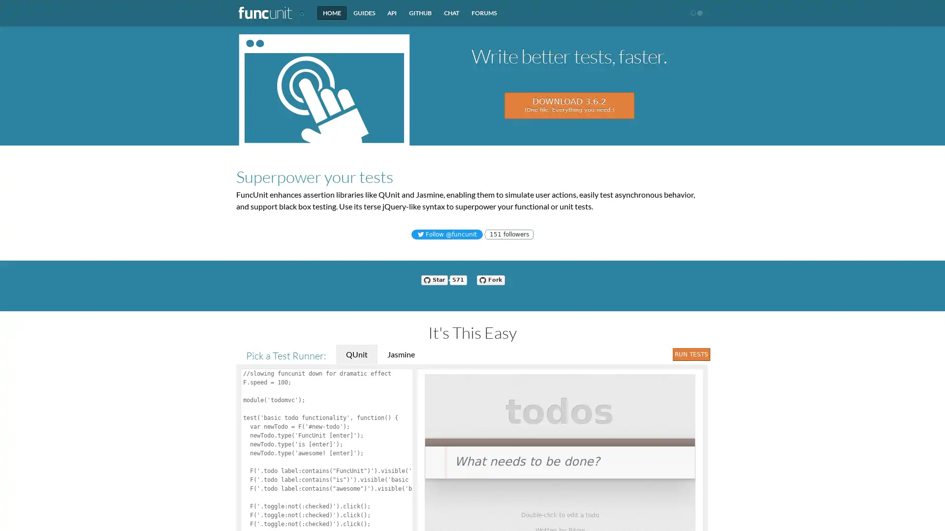 This screenshot has width=945, height=531. Describe the element at coordinates (691, 354) in the screenshot. I see `Run Tests` at that location.